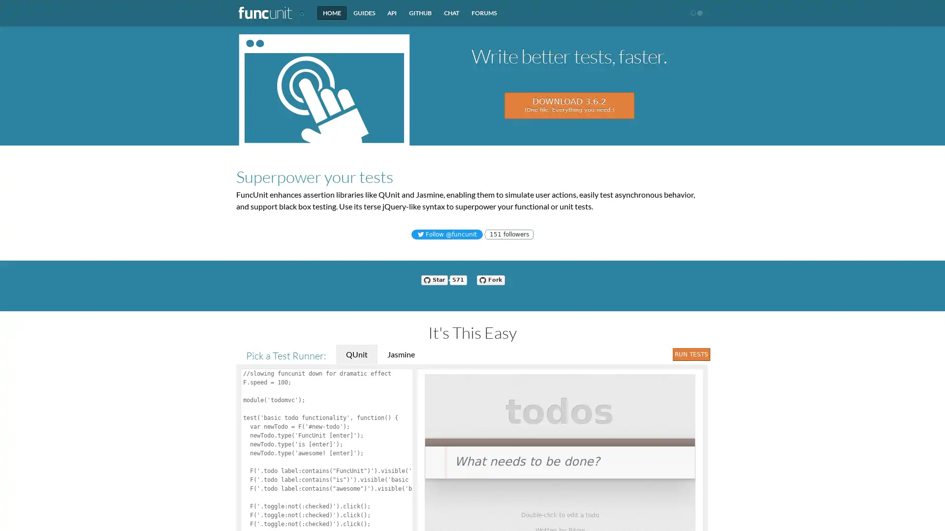 This screenshot has width=945, height=531. Describe the element at coordinates (691, 354) in the screenshot. I see `Run Tests` at that location.